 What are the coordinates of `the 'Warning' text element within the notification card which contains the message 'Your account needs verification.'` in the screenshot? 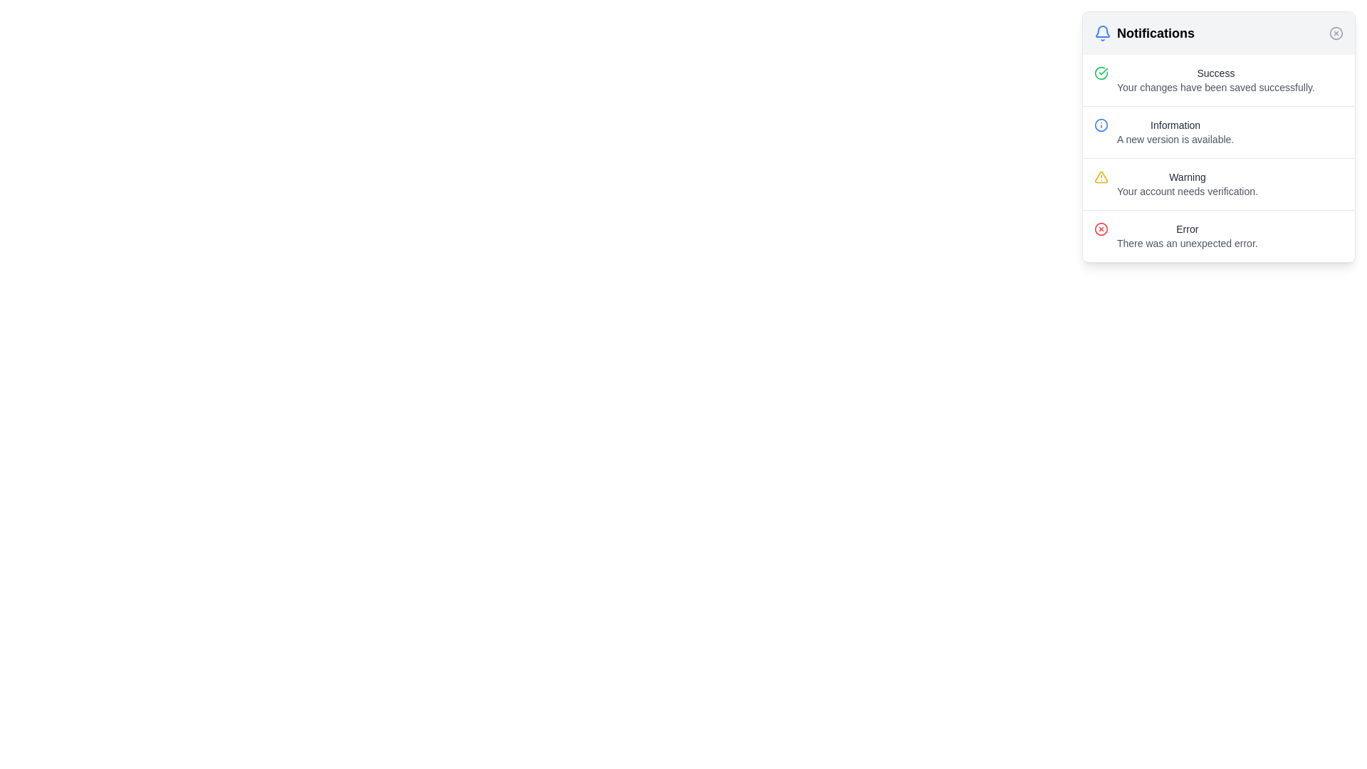 It's located at (1187, 183).